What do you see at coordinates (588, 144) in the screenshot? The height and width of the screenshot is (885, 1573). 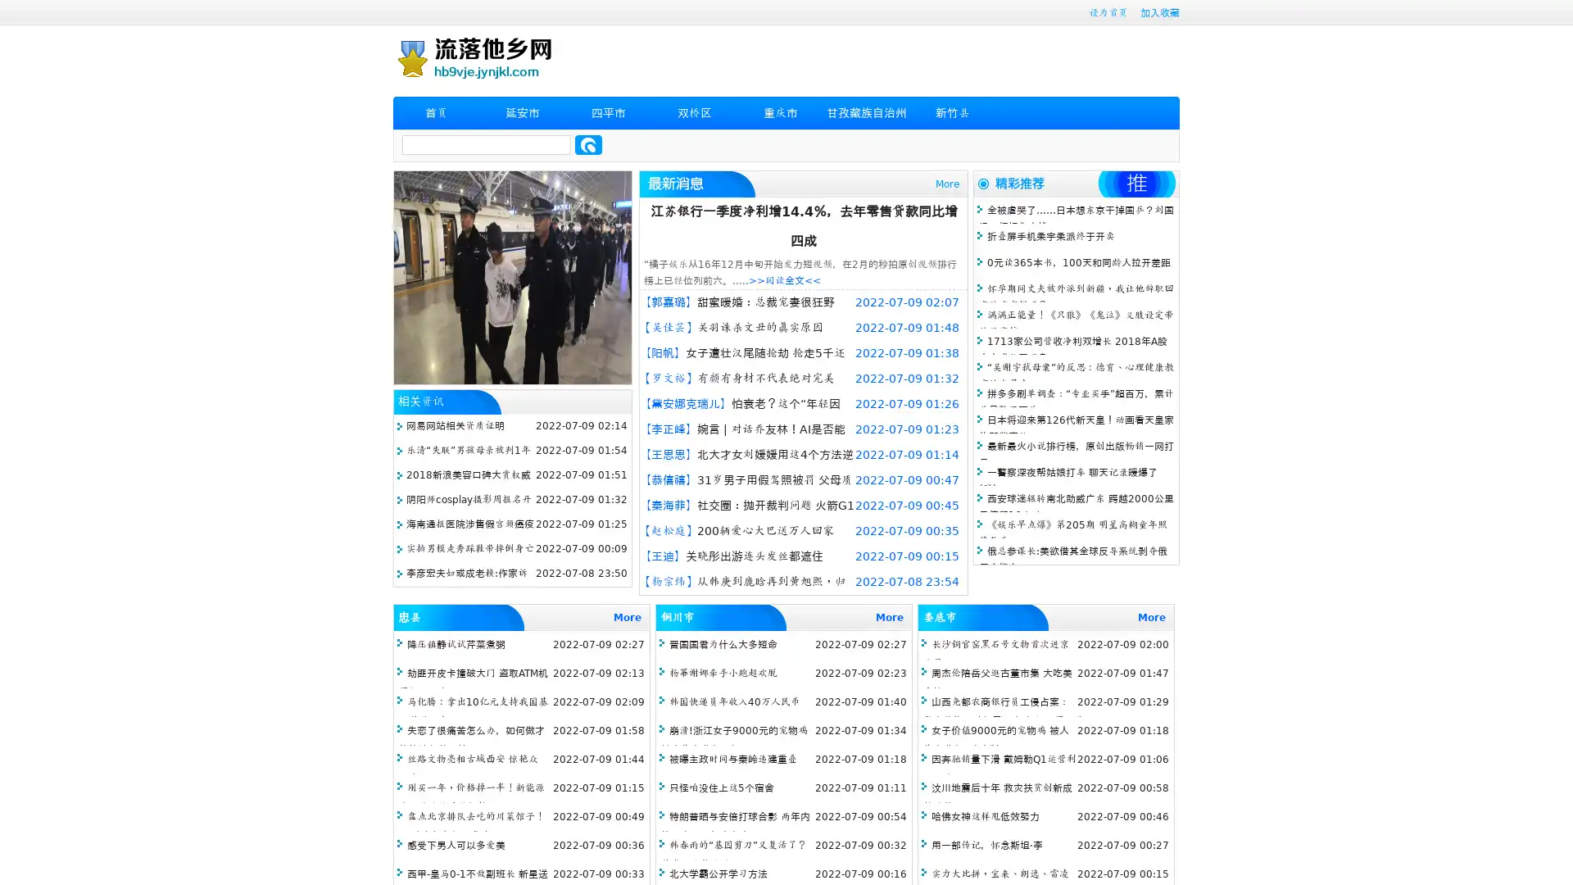 I see `Search` at bounding box center [588, 144].